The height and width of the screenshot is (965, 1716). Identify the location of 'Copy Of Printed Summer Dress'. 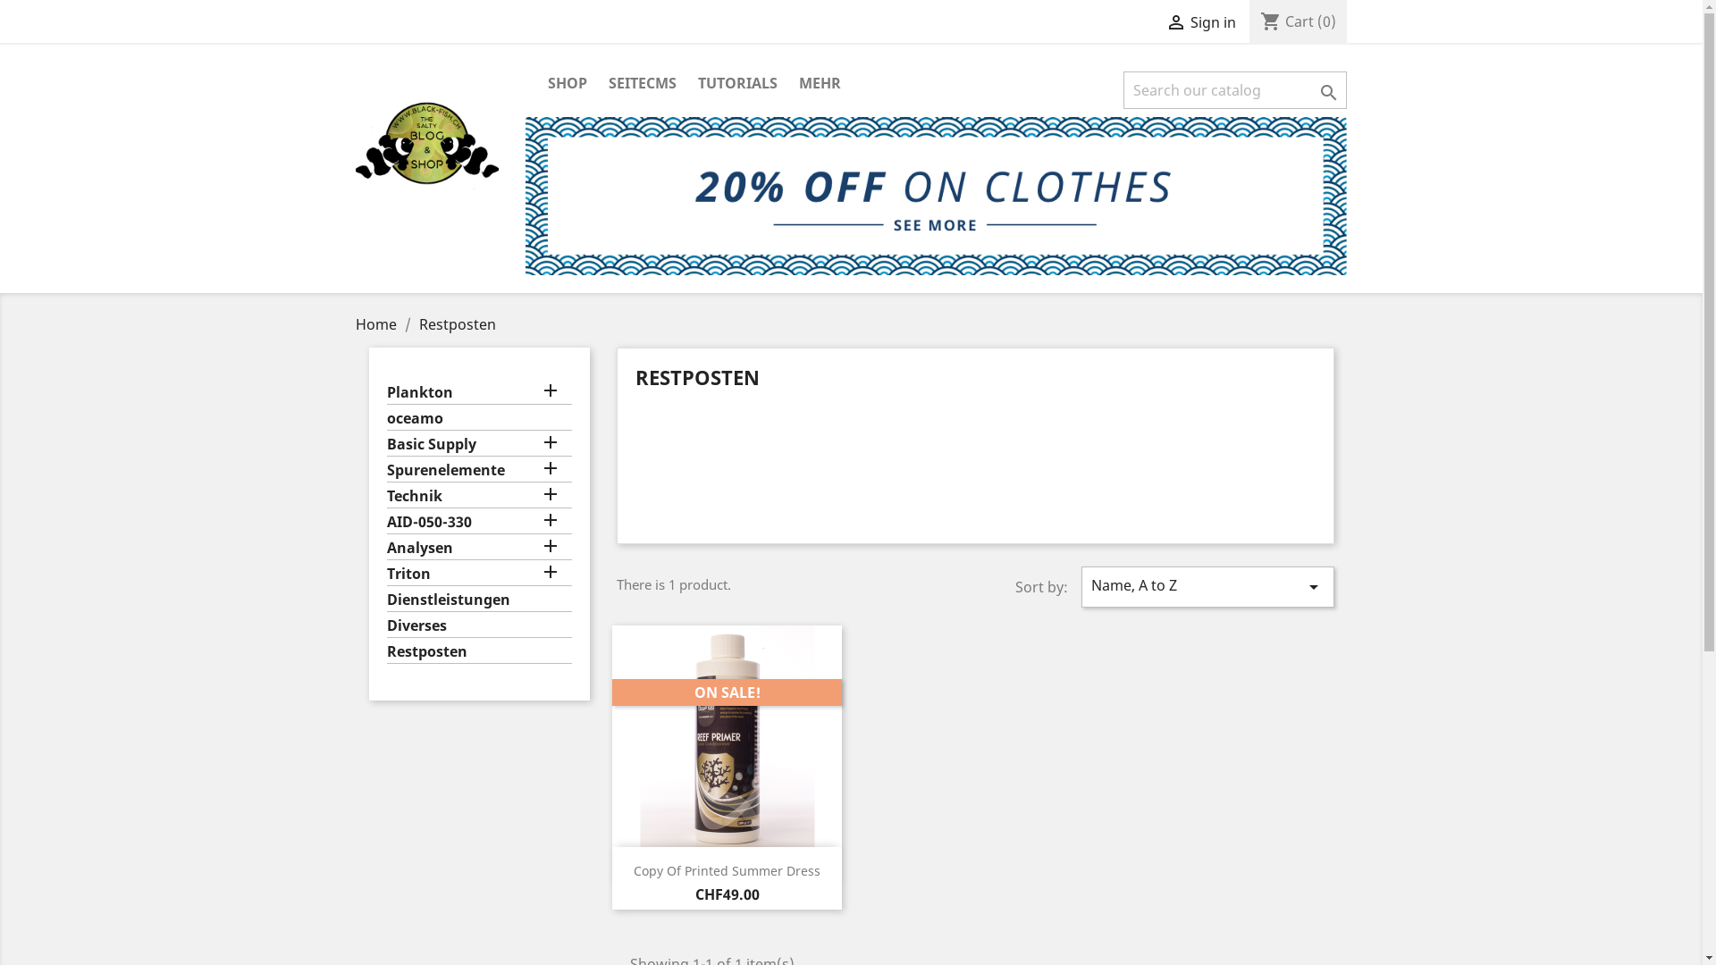
(634, 869).